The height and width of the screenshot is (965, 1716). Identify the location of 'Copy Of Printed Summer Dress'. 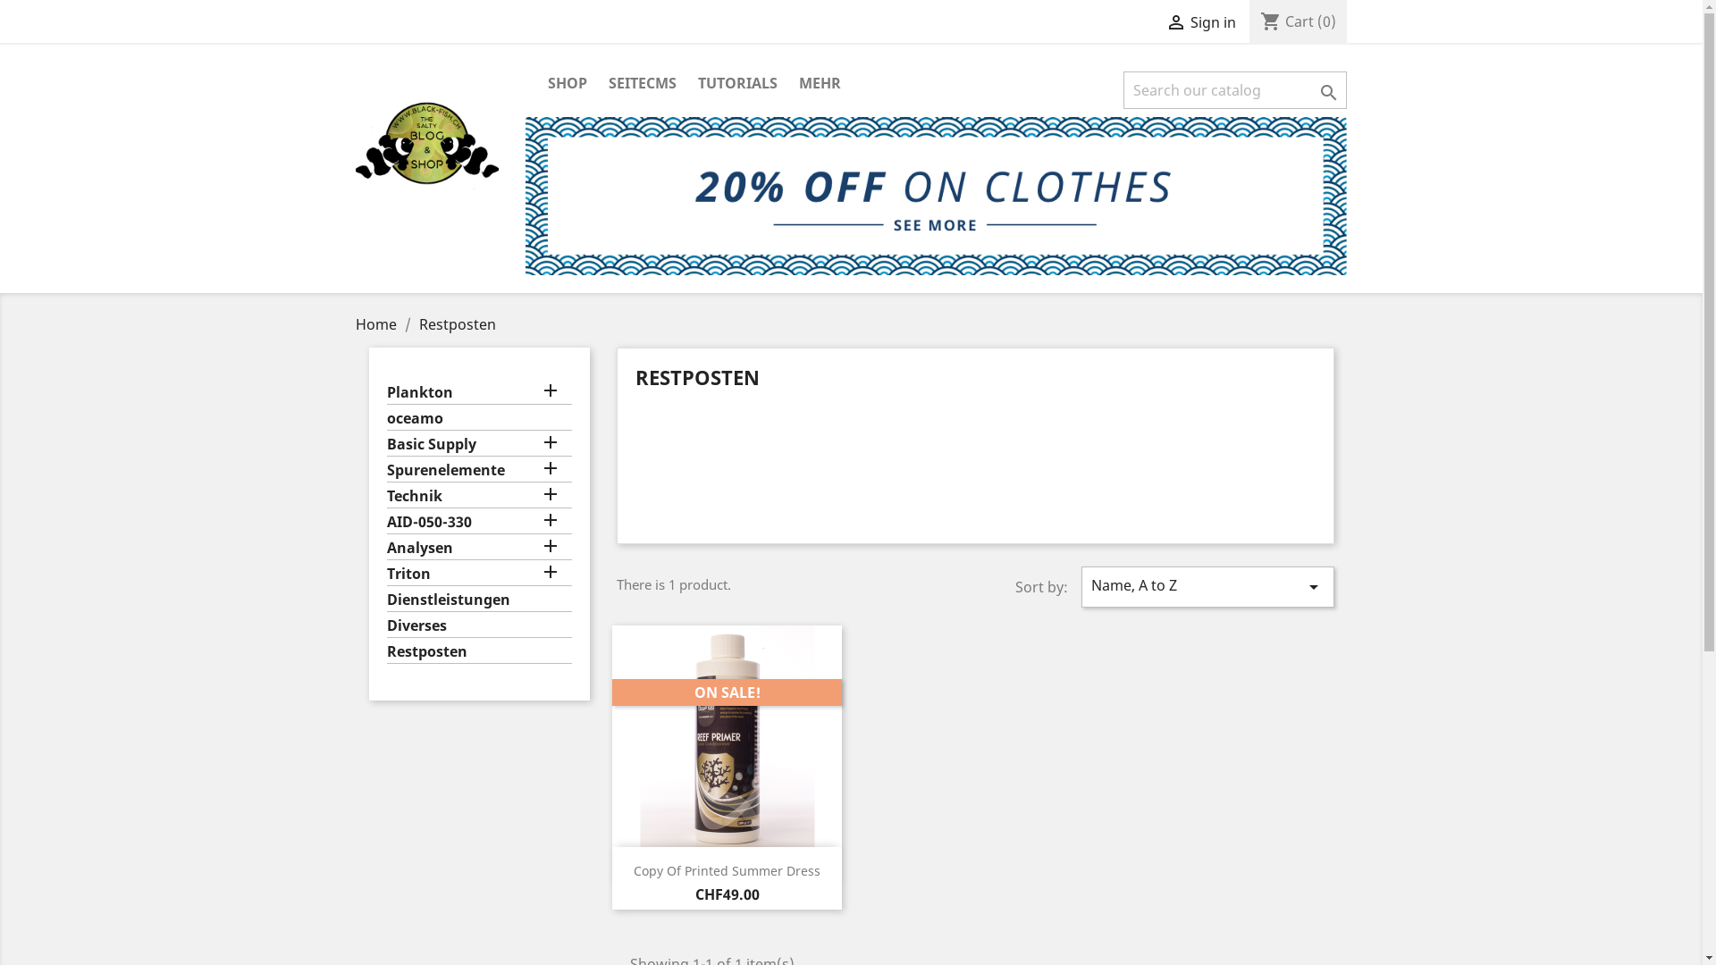
(634, 869).